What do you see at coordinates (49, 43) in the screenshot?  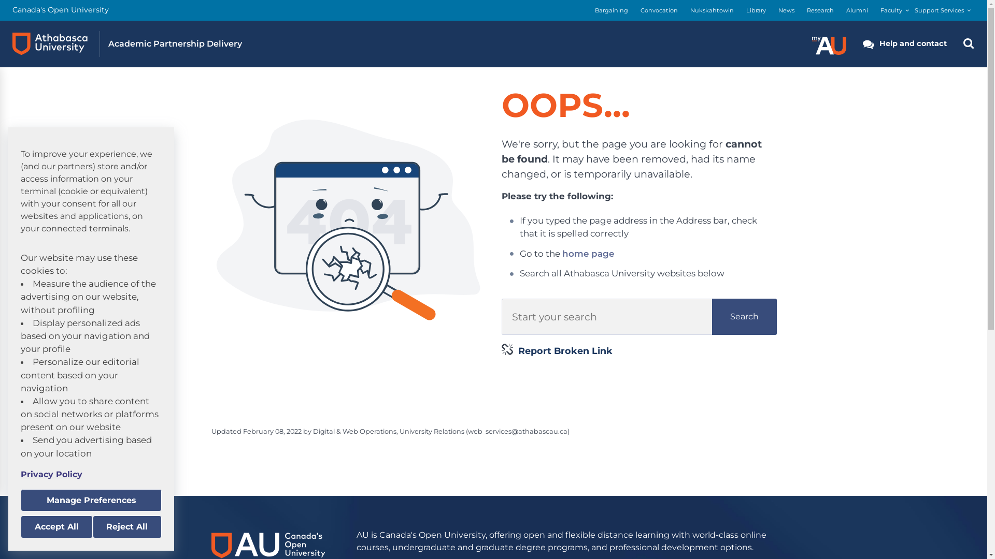 I see `'Athabasca University logo'` at bounding box center [49, 43].